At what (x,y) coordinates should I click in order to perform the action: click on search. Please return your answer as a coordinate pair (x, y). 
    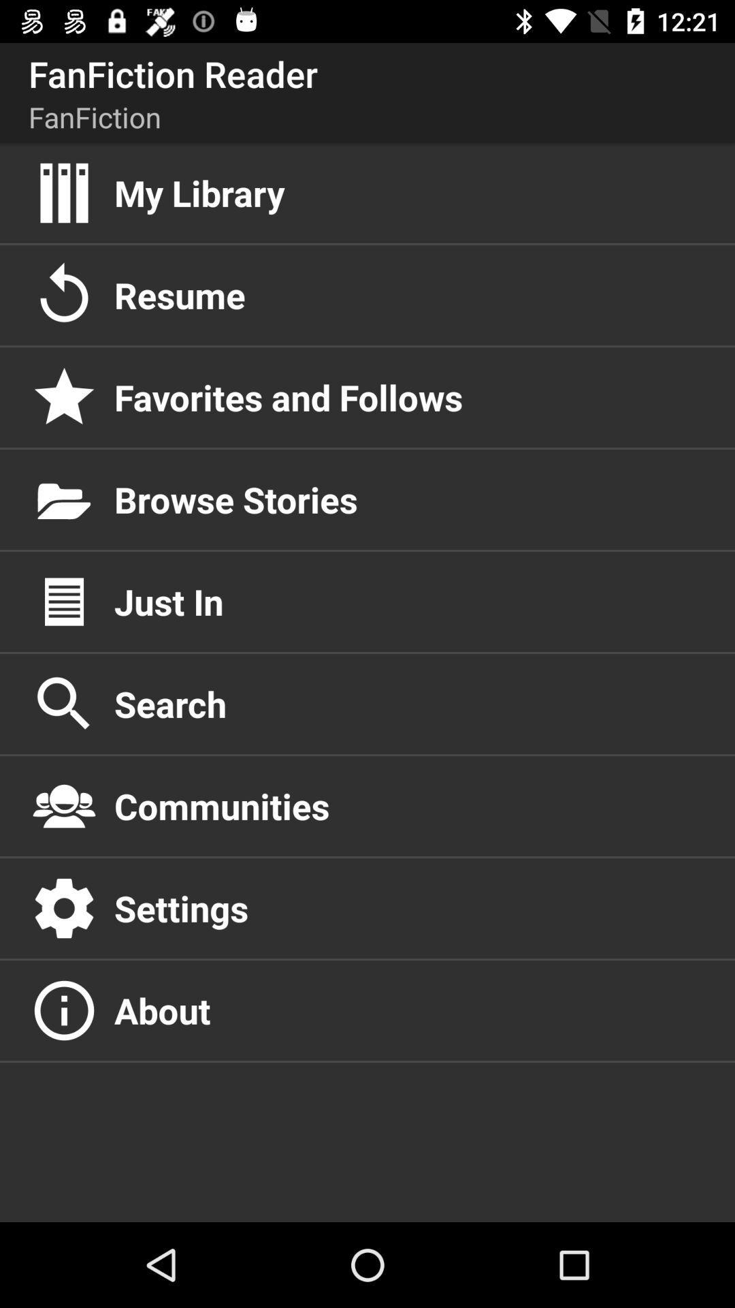
    Looking at the image, I should click on (409, 704).